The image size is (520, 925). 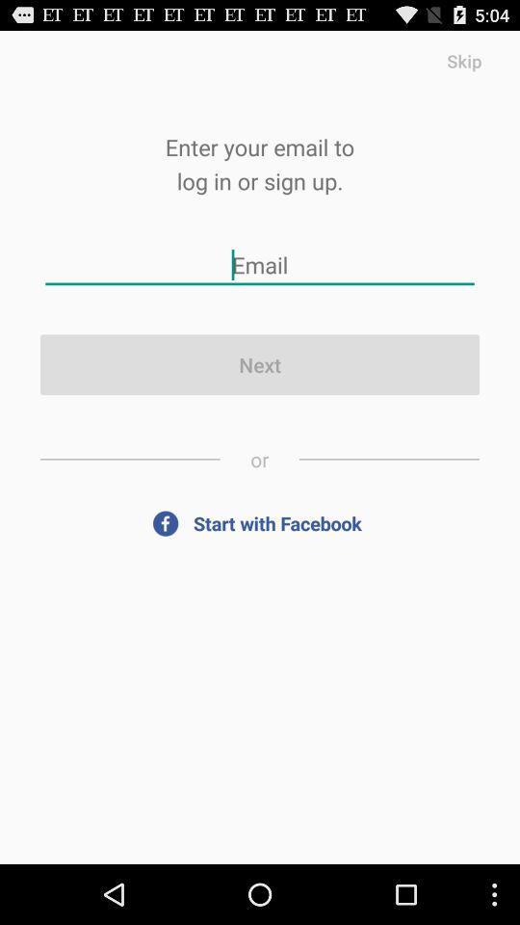 I want to click on the next item, so click(x=260, y=363).